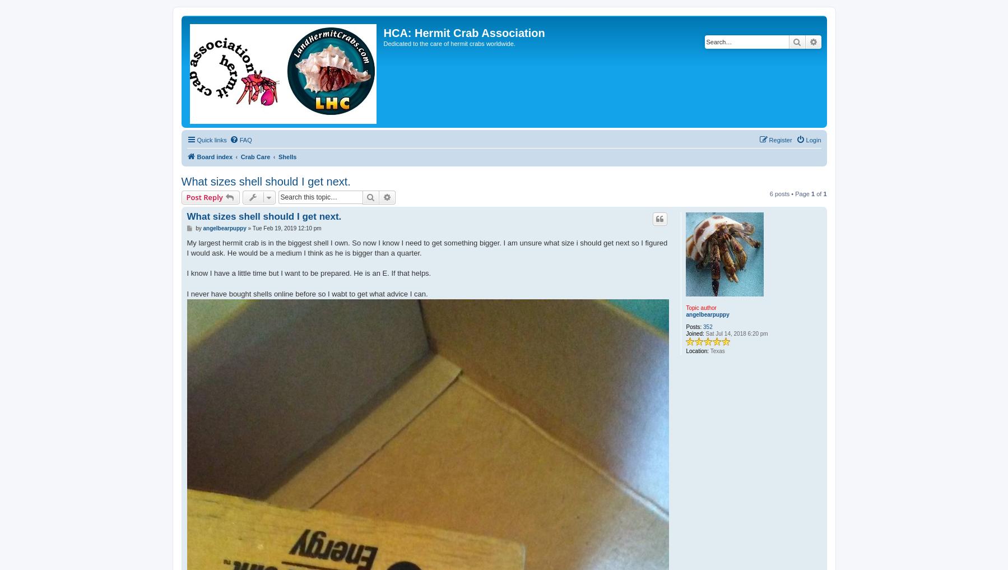 Image resolution: width=1008 pixels, height=570 pixels. Describe the element at coordinates (203, 196) in the screenshot. I see `'Post Reply'` at that location.